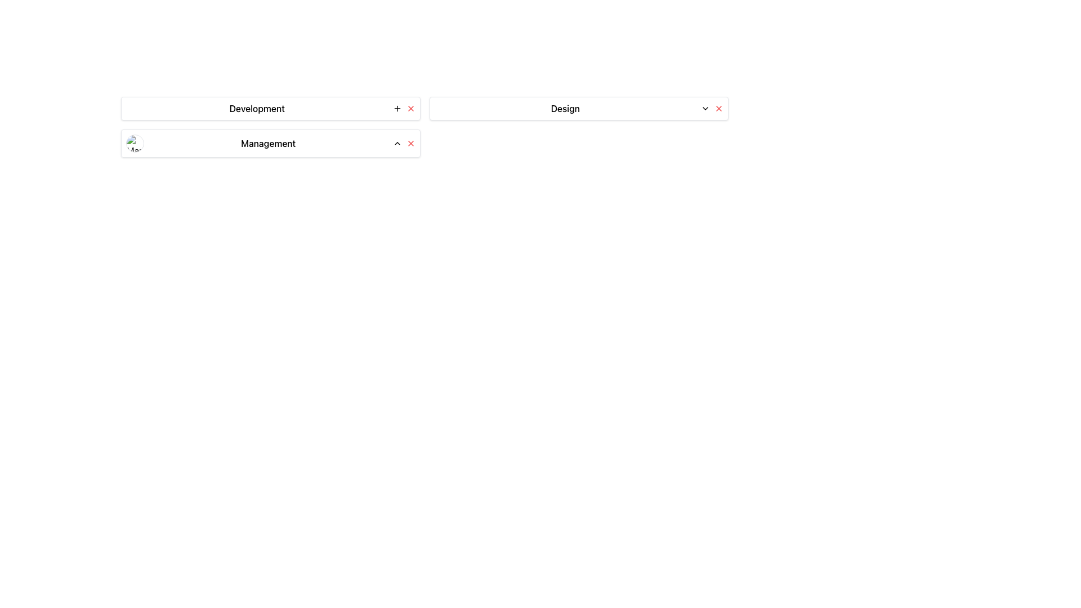 The width and height of the screenshot is (1081, 608). What do you see at coordinates (397, 142) in the screenshot?
I see `the chevron icon located to the left of the red interactive icon, which indicates expandable or collapsible content associated with 'Management'` at bounding box center [397, 142].